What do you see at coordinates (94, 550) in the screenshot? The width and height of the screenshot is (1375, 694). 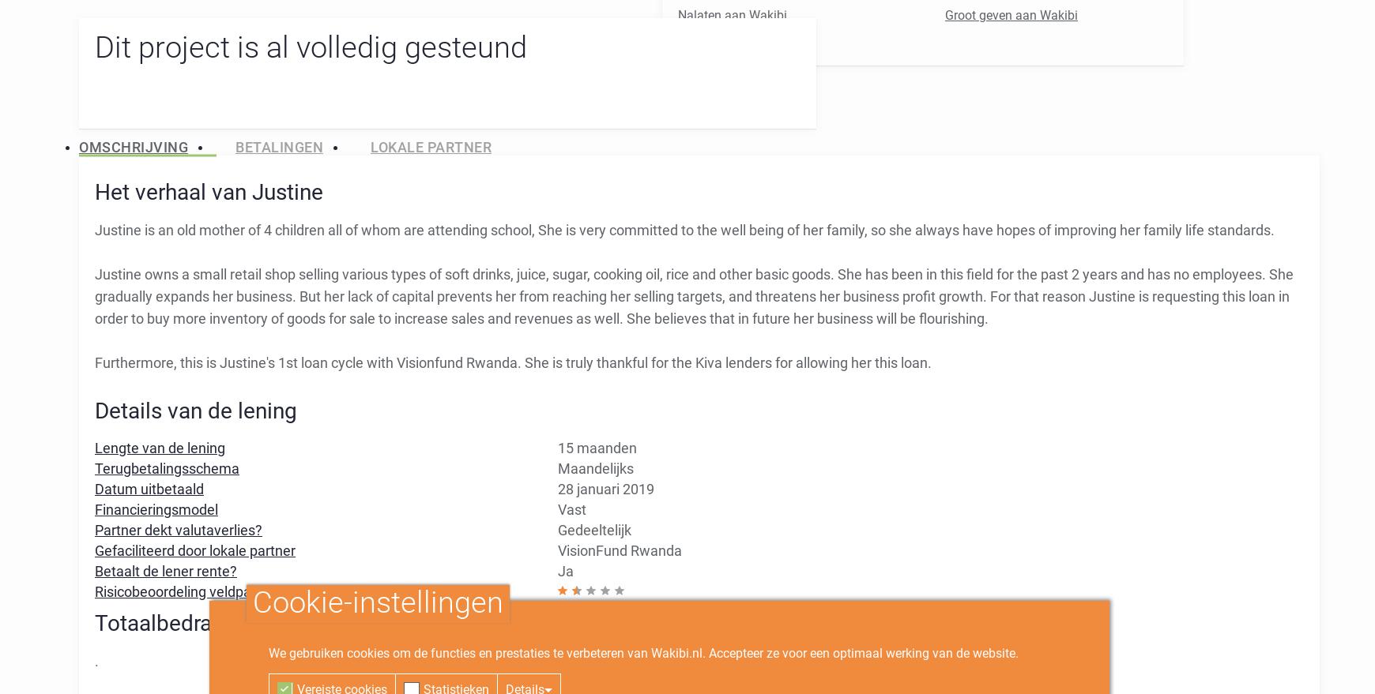 I see `'Gefaciliteerd door lokale partner'` at bounding box center [94, 550].